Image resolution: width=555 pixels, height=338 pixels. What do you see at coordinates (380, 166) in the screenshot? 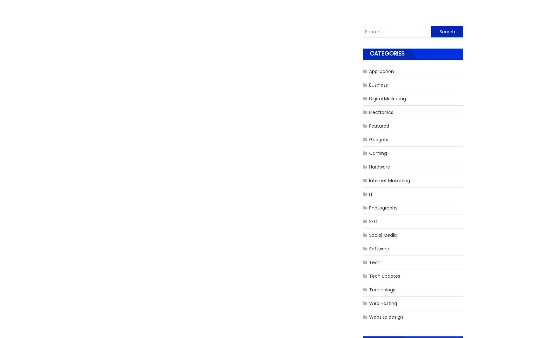
I see `'Hardware'` at bounding box center [380, 166].